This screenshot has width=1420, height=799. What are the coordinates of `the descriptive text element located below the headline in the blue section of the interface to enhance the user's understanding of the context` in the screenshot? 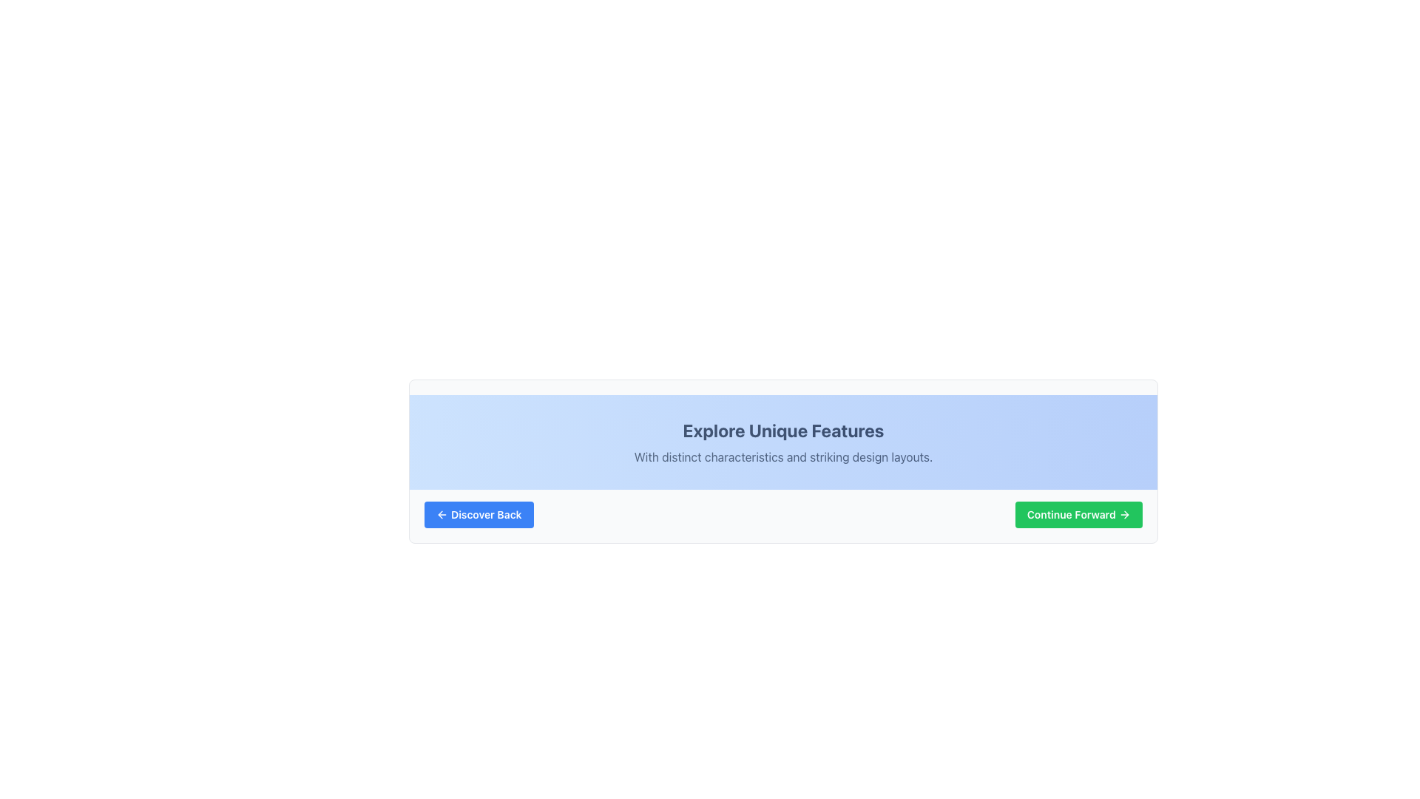 It's located at (782, 456).